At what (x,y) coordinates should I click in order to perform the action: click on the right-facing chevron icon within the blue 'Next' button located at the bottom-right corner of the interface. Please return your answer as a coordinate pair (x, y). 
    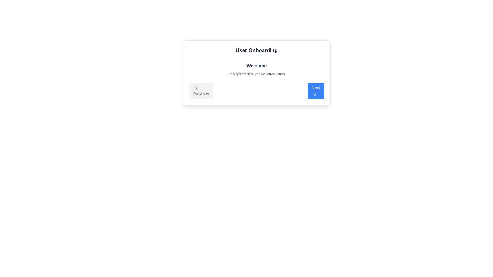
    Looking at the image, I should click on (314, 94).